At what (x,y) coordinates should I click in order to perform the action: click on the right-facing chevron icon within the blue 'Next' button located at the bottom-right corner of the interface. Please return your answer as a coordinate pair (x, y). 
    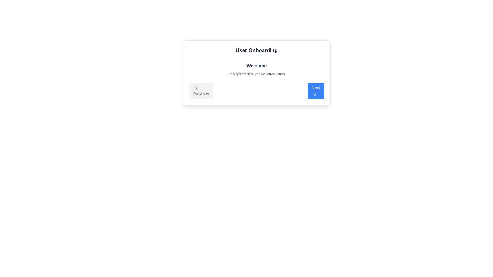
    Looking at the image, I should click on (314, 94).